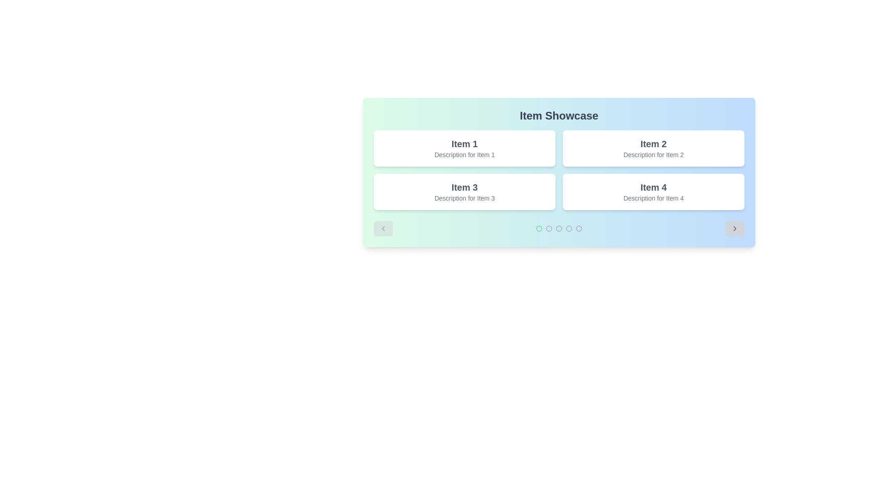 The width and height of the screenshot is (870, 489). I want to click on the text element stating 'Description for Item 4', which is styled in gray and located beneath the title 'Item 4', so click(653, 198).